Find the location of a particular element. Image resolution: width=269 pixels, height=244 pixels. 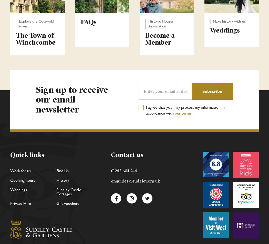

'Gift vouchers' is located at coordinates (56, 203).